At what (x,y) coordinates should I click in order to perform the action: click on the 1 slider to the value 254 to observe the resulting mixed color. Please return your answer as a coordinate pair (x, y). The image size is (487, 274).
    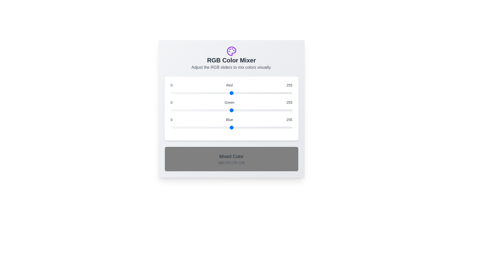
    Looking at the image, I should click on (231, 110).